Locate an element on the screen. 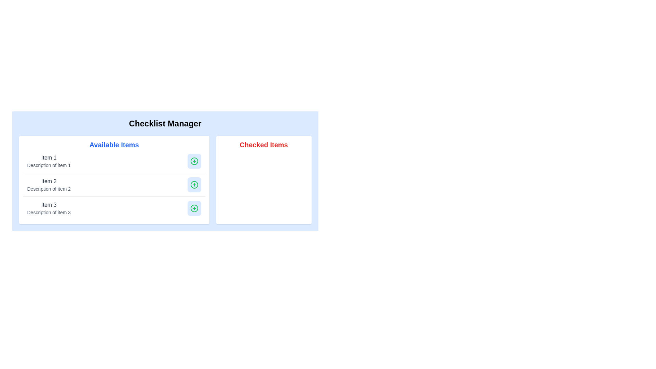  the 'Checked Items' text label, which is a bold red header located at the top of the right-hand panel within the checklist interface is located at coordinates (263, 145).